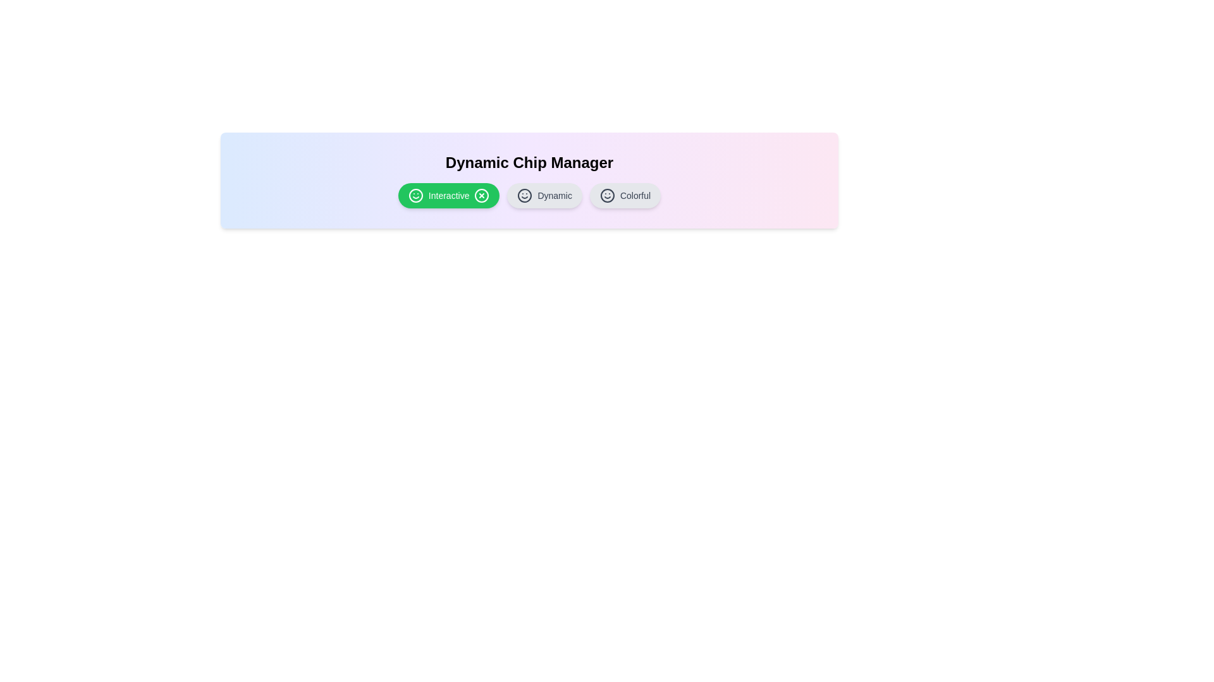 The width and height of the screenshot is (1214, 682). I want to click on the icon within the chip labeled 'Interactive', so click(415, 195).